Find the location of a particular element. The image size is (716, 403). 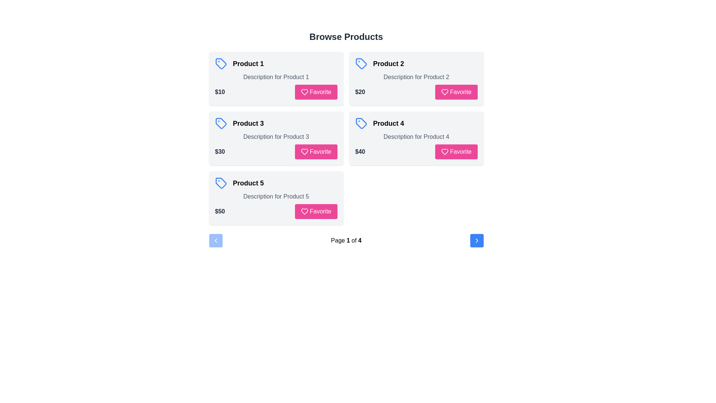

the heart-shaped icon in the 'Favorite' button located in the 'Product 5' card is located at coordinates (304, 212).